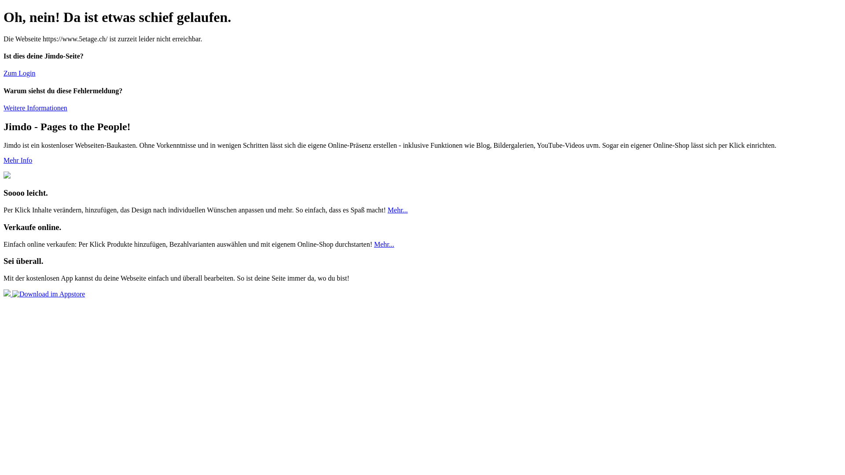 Image resolution: width=845 pixels, height=475 pixels. What do you see at coordinates (374, 244) in the screenshot?
I see `'Mehr...'` at bounding box center [374, 244].